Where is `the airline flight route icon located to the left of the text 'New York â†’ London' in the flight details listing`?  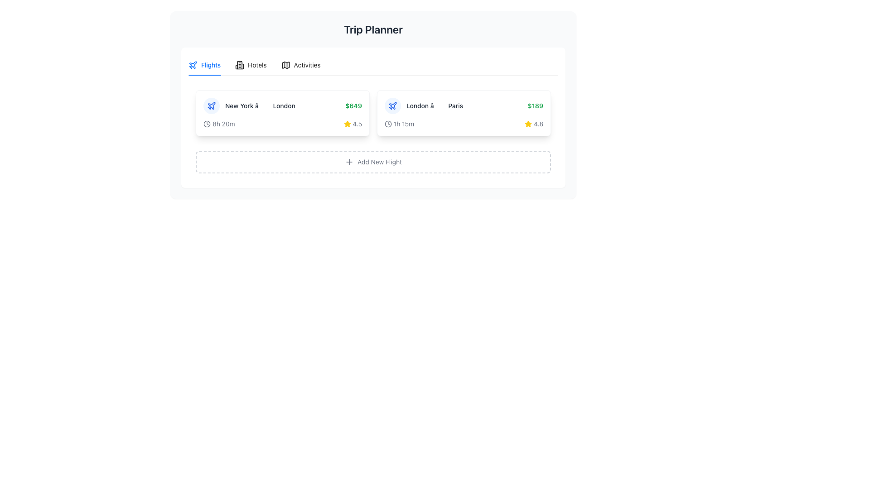 the airline flight route icon located to the left of the text 'New York â†’ London' in the flight details listing is located at coordinates (211, 105).